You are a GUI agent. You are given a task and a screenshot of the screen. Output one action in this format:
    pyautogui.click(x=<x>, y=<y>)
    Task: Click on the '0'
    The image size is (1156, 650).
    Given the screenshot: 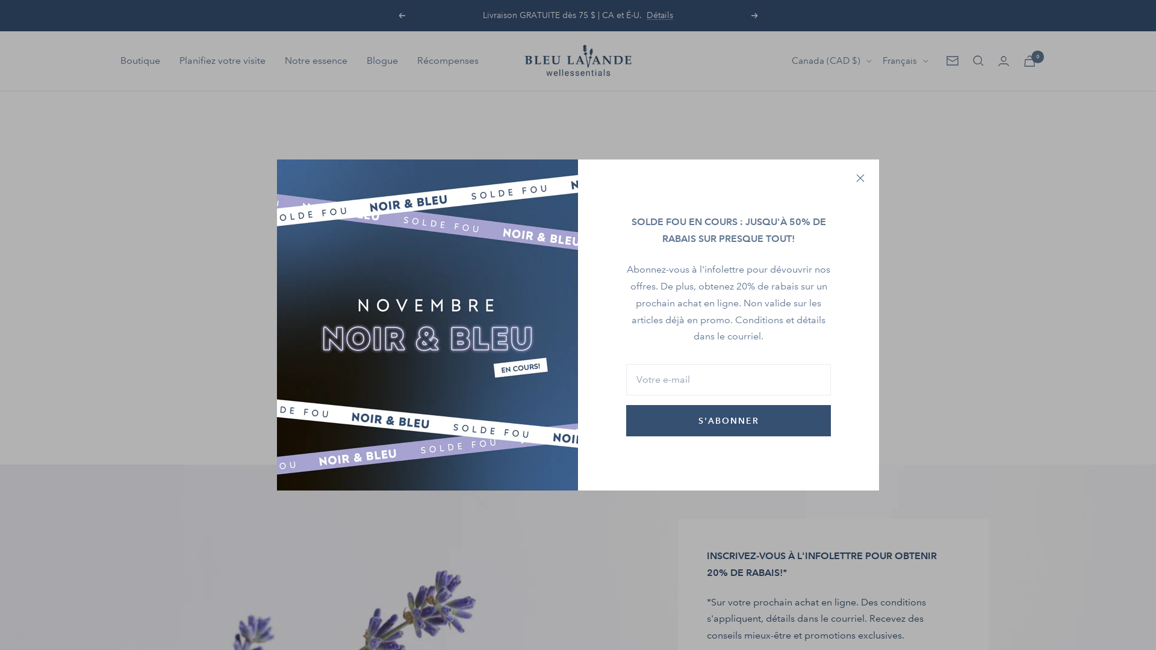 What is the action you would take?
    pyautogui.click(x=1028, y=61)
    